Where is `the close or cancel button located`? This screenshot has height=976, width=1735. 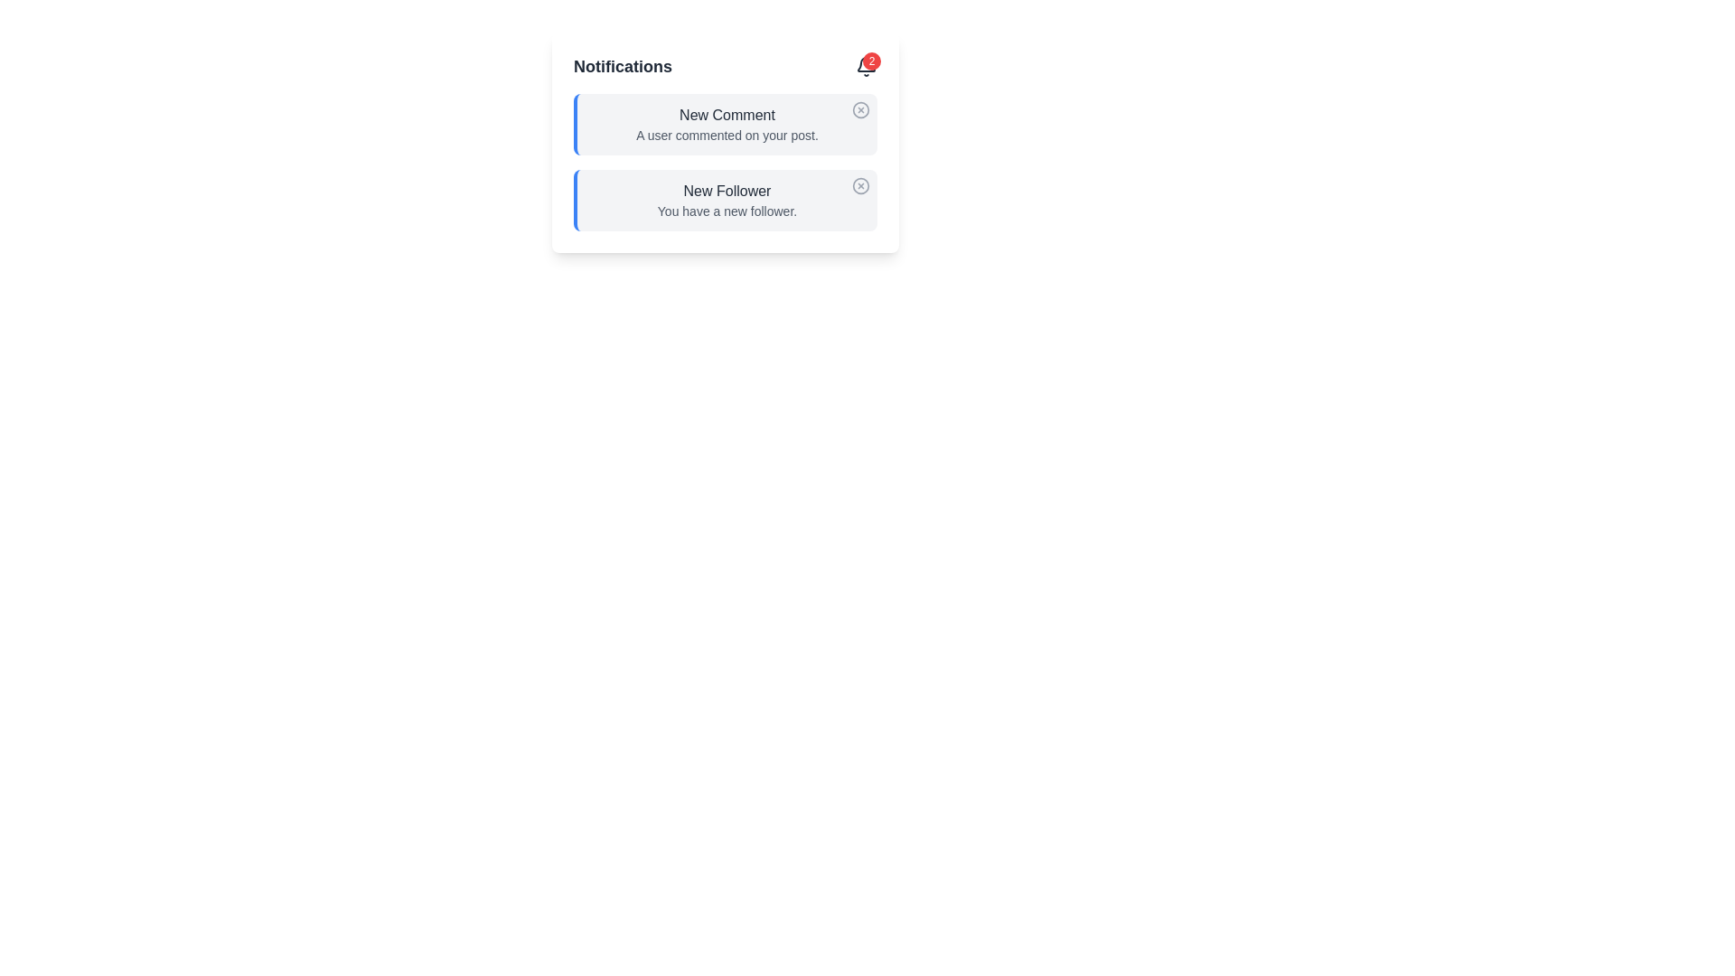 the close or cancel button located is located at coordinates (860, 185).